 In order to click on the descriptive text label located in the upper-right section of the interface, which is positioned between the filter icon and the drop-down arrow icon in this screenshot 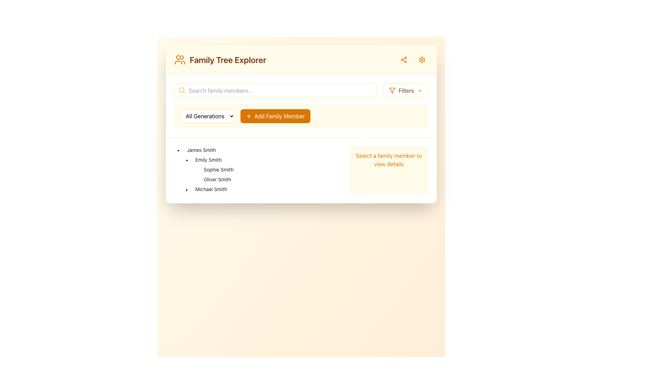, I will do `click(406, 90)`.